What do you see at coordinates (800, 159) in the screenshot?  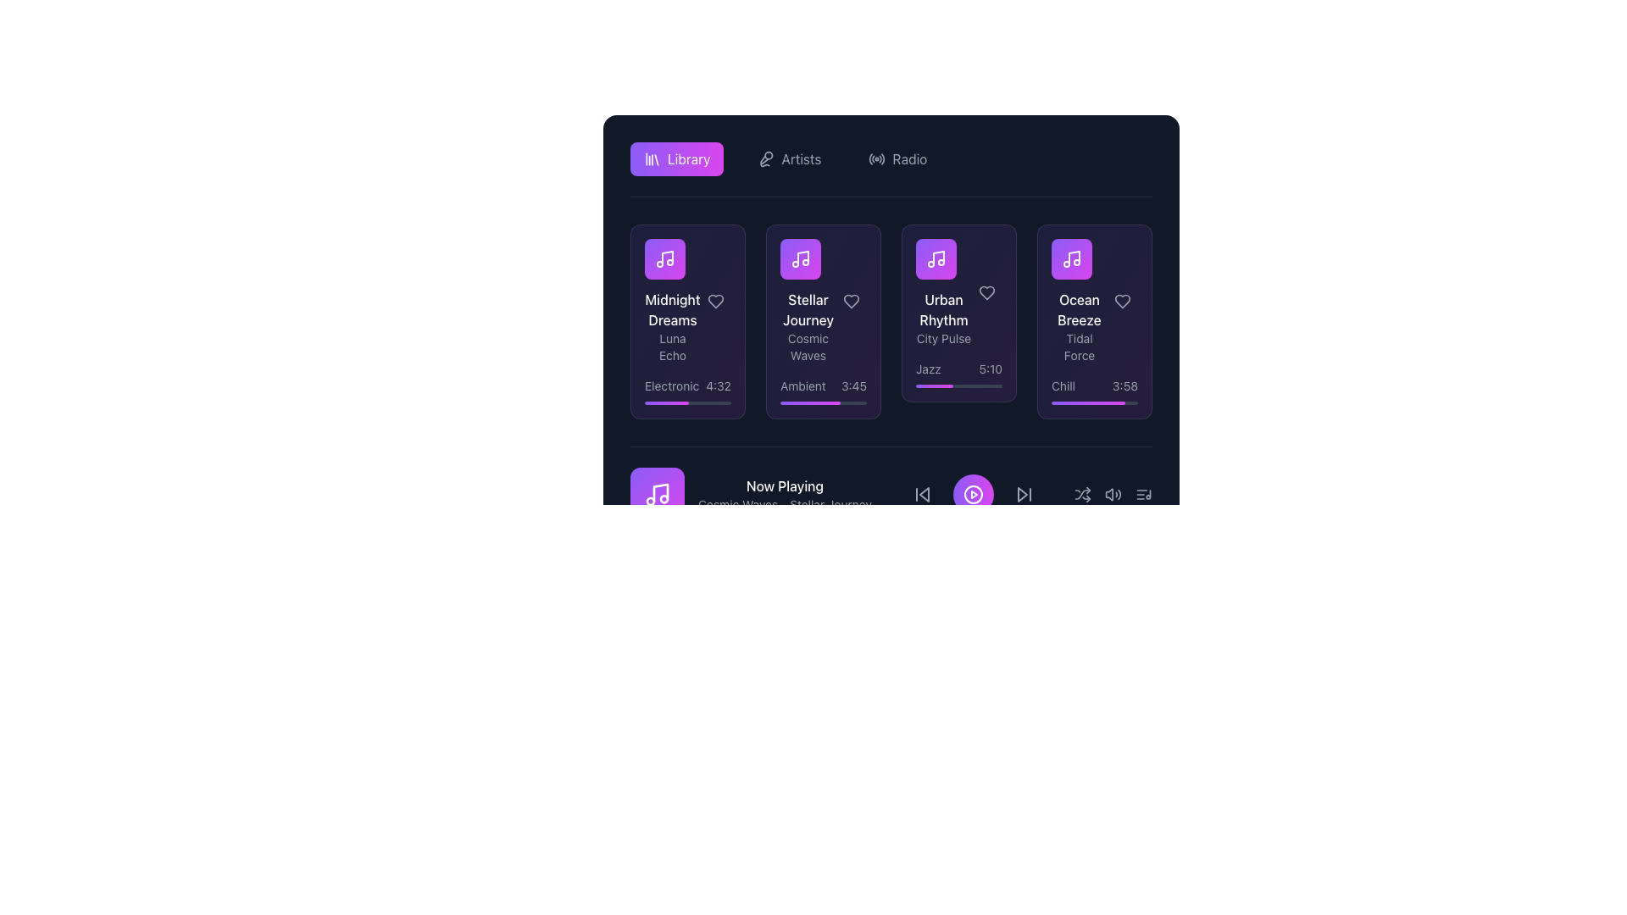 I see `the 'Artists' text in the top navigation bar` at bounding box center [800, 159].